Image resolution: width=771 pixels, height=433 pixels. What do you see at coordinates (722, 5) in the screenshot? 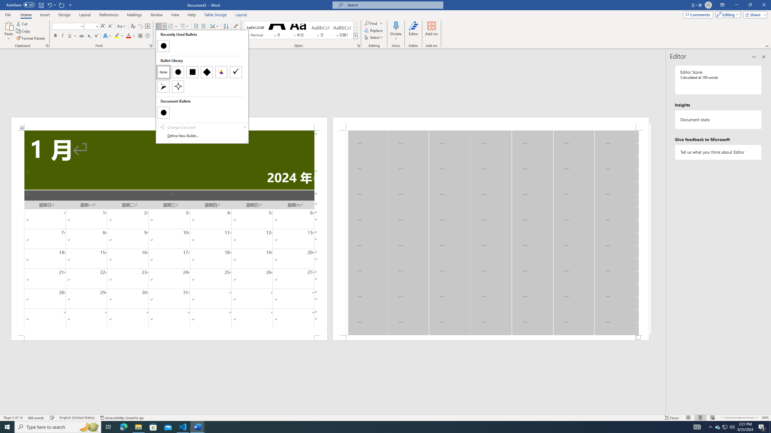
I see `'Ribbon Display Options'` at bounding box center [722, 5].